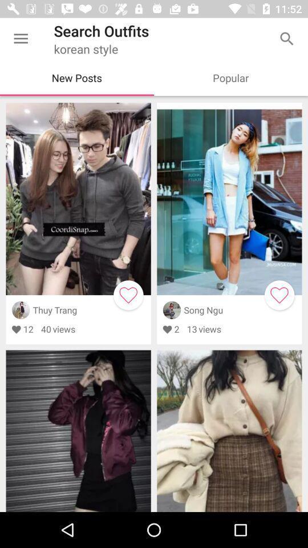 This screenshot has height=548, width=308. I want to click on the icon to the left of the search outfits icon, so click(21, 39).